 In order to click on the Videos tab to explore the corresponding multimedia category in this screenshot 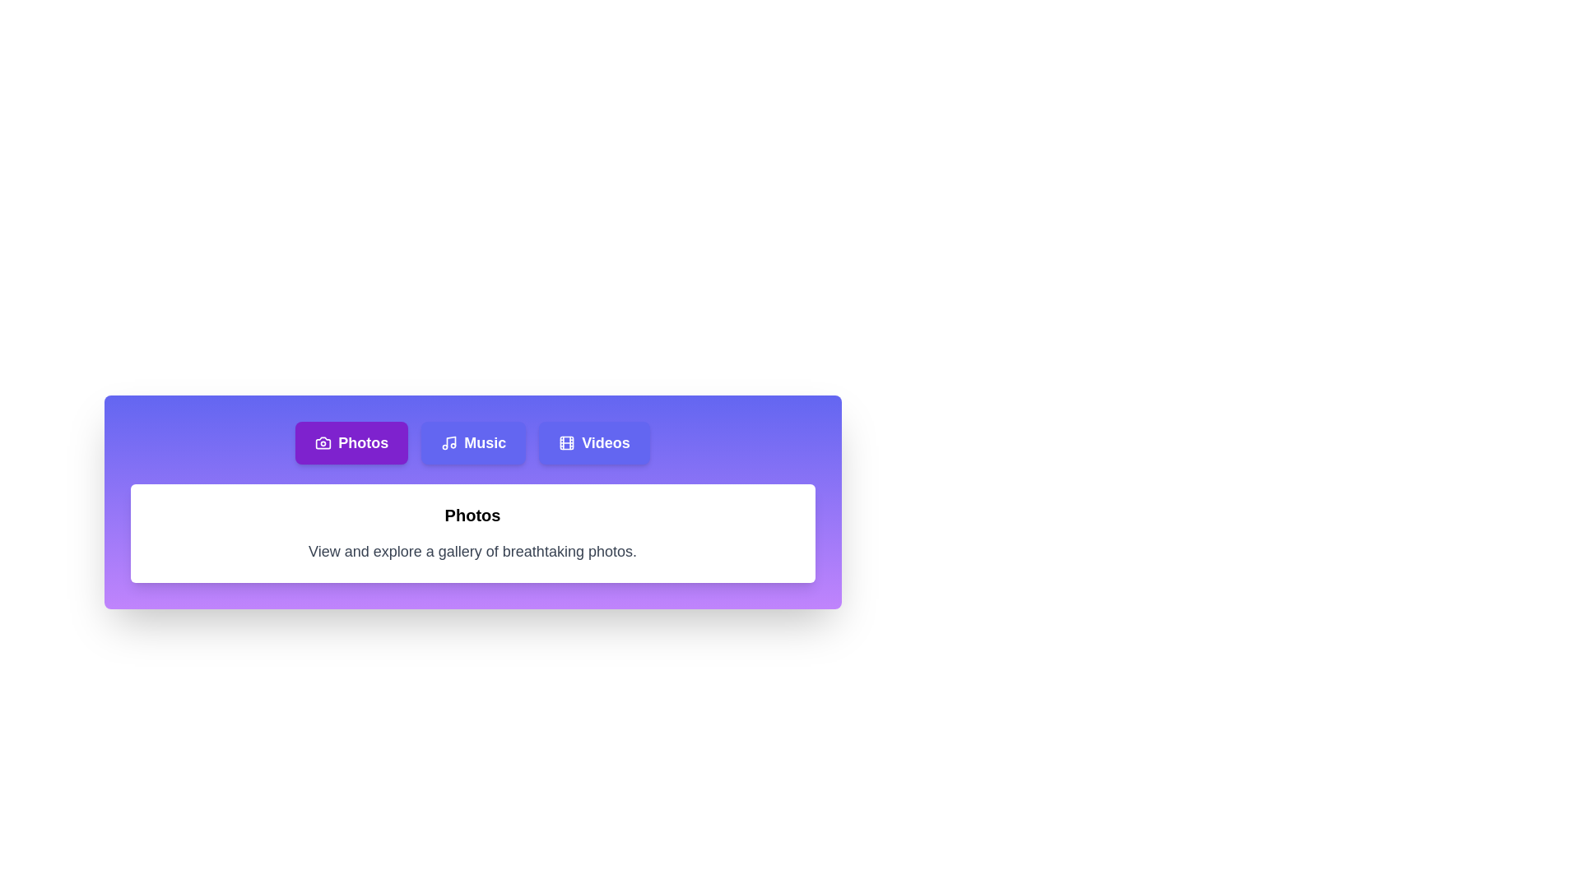, I will do `click(593, 442)`.